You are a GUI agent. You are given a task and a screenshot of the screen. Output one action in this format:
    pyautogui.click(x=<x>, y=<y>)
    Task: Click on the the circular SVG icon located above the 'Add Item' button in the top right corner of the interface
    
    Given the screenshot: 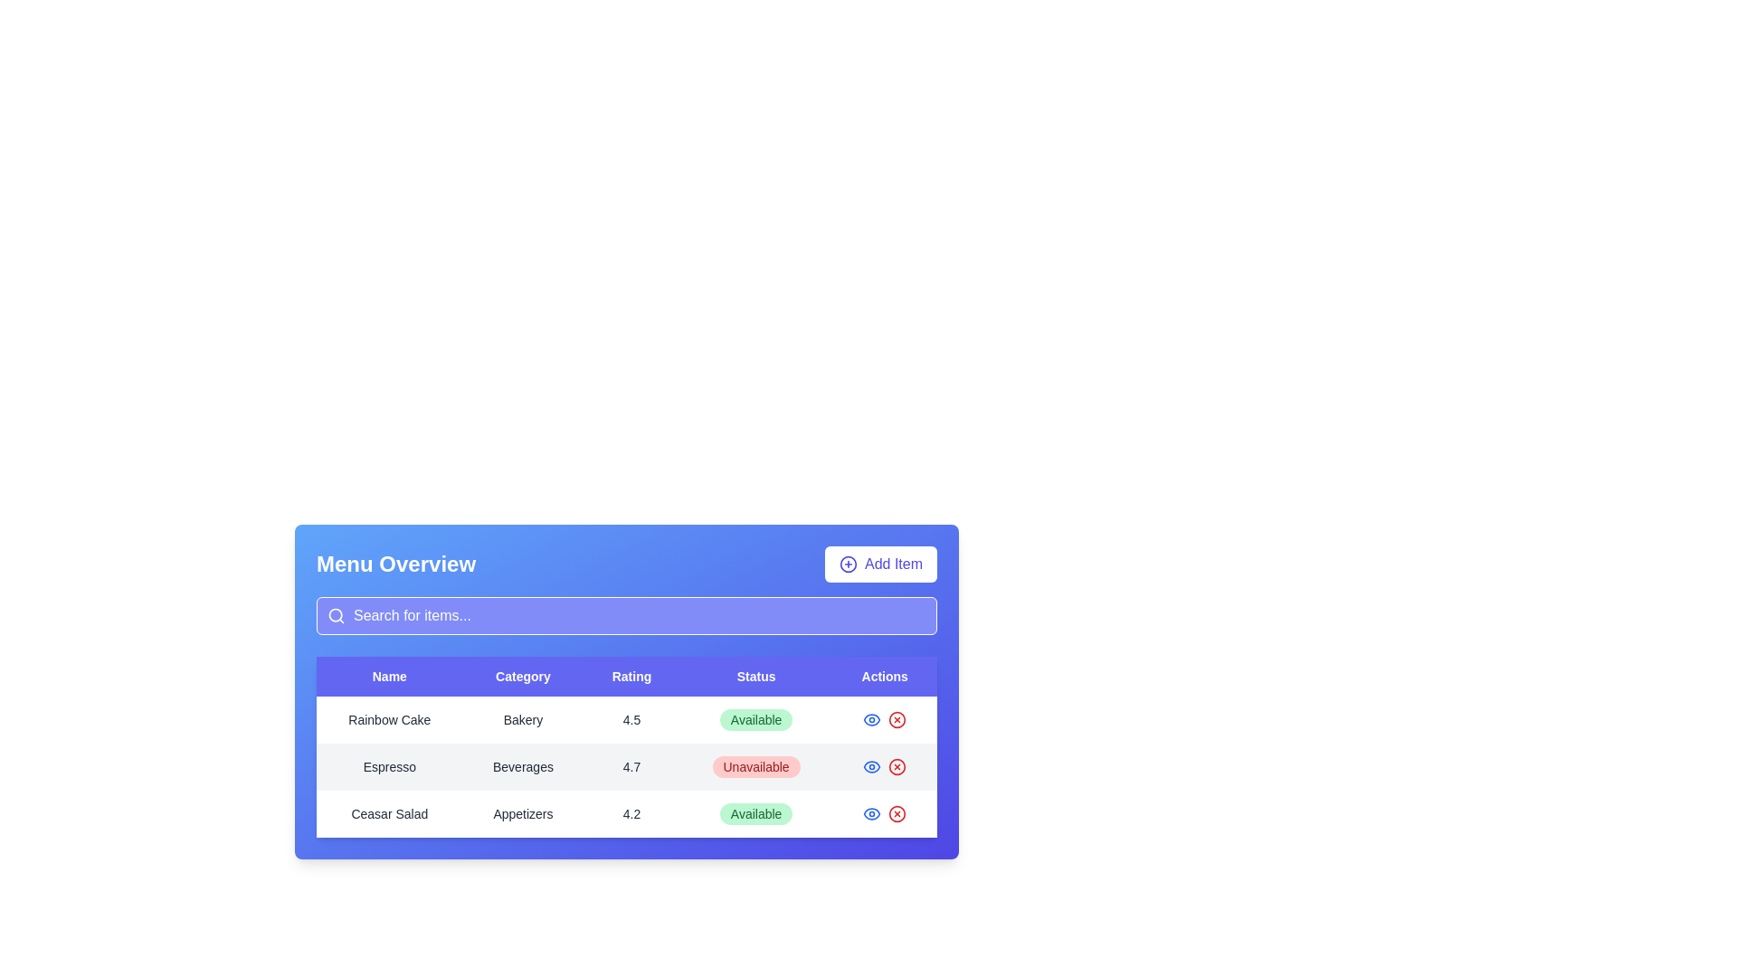 What is the action you would take?
    pyautogui.click(x=847, y=564)
    